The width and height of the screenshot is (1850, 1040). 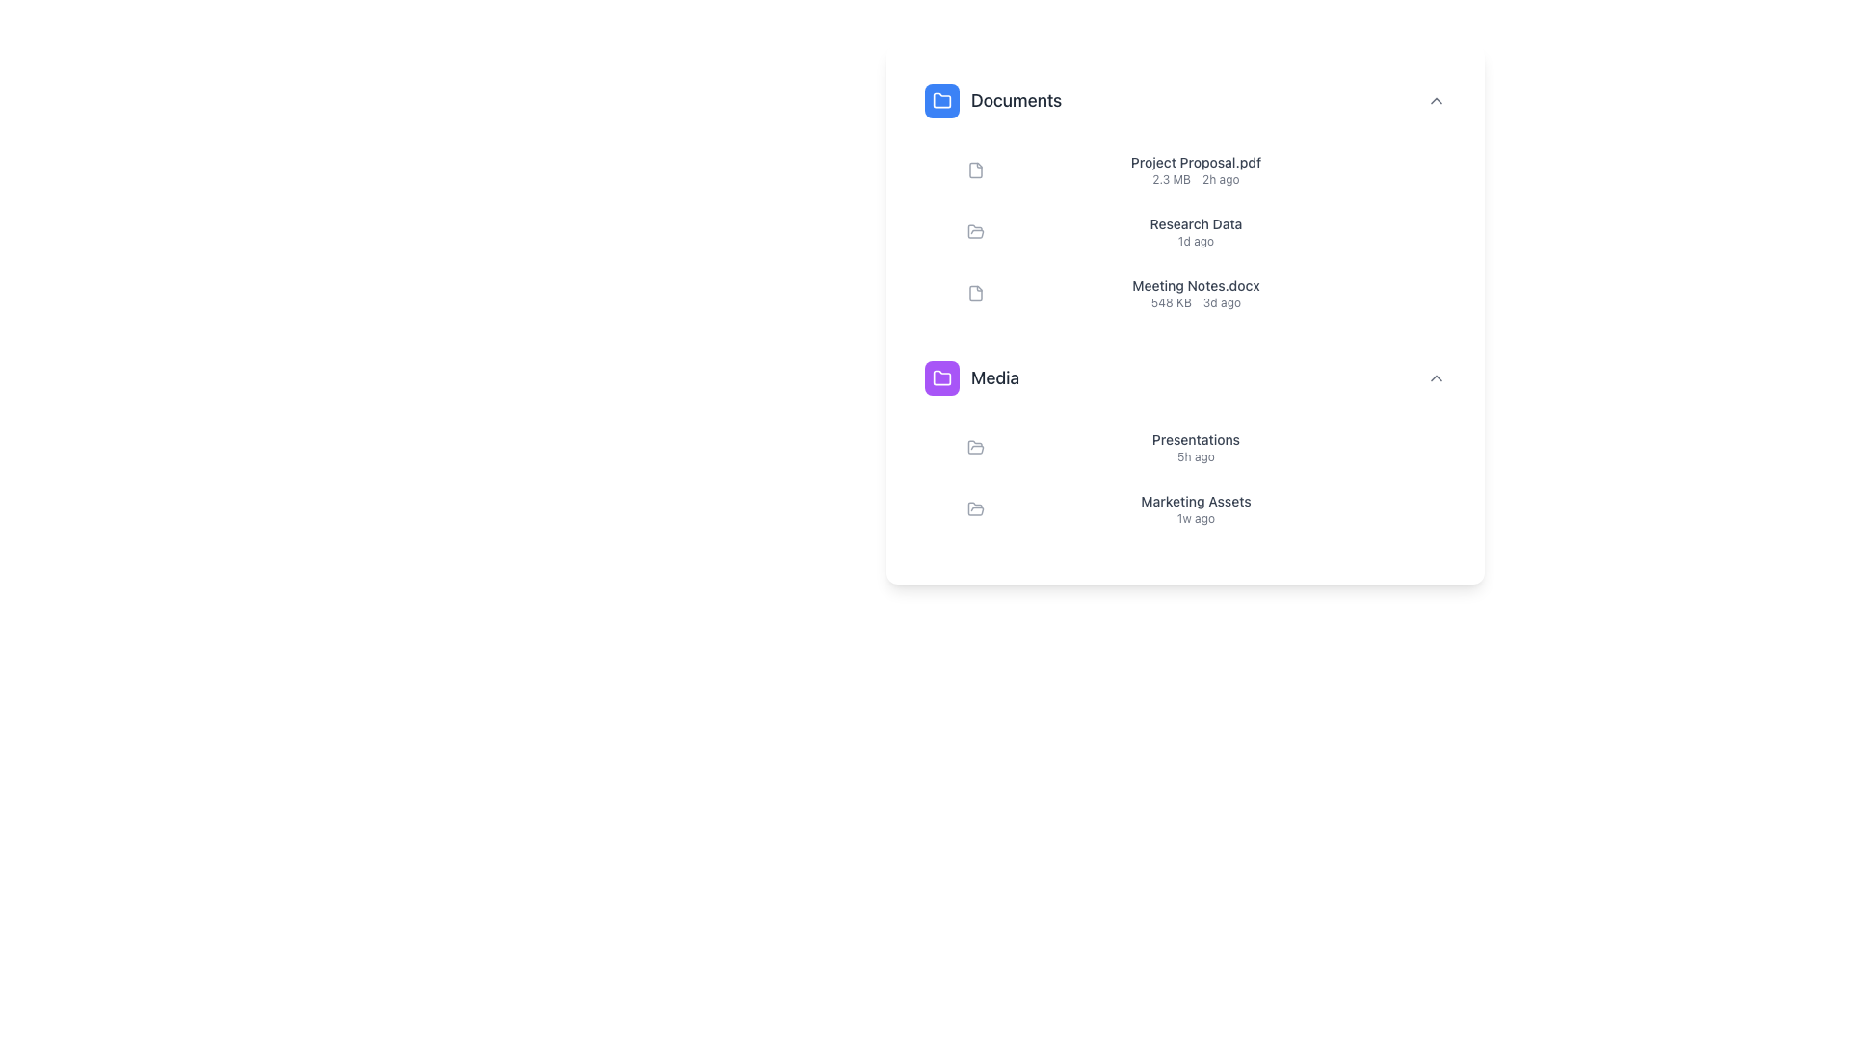 What do you see at coordinates (1423, 507) in the screenshot?
I see `the small gray dot element that is part of the ellipsis menu in the 'Marketing Assets' row of the 'Media' folder section` at bounding box center [1423, 507].